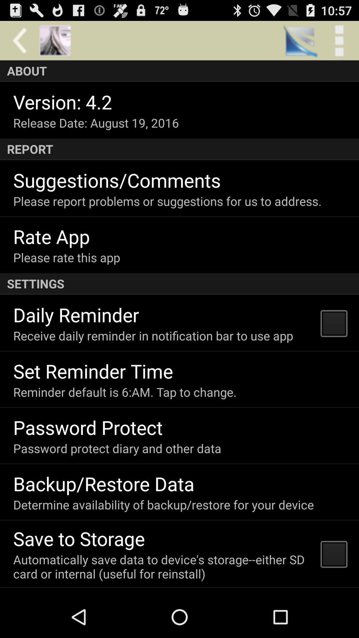  Describe the element at coordinates (179, 284) in the screenshot. I see `icon below please rate this icon` at that location.